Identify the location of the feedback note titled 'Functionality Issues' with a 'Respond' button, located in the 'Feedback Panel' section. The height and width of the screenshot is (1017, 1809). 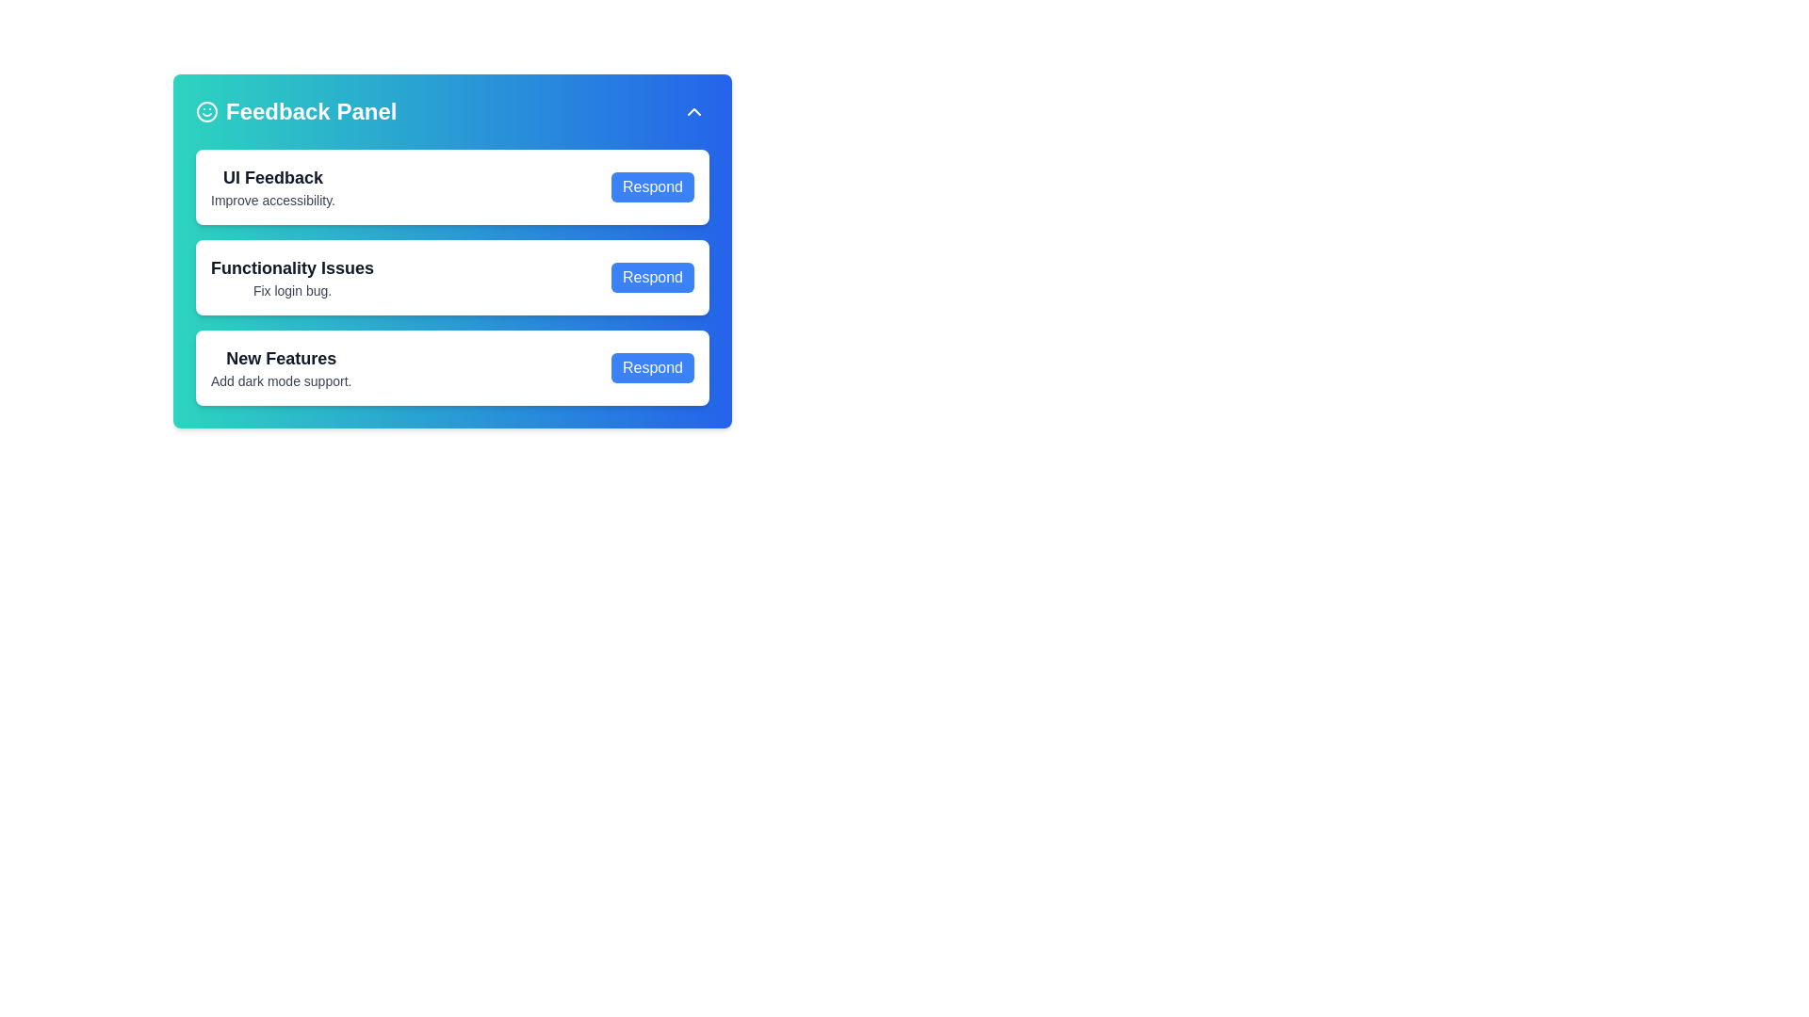
(452, 277).